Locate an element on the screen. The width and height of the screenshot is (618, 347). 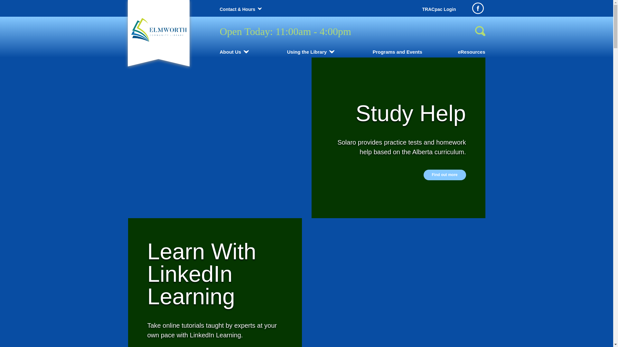
'Facebook' is located at coordinates (477, 8).